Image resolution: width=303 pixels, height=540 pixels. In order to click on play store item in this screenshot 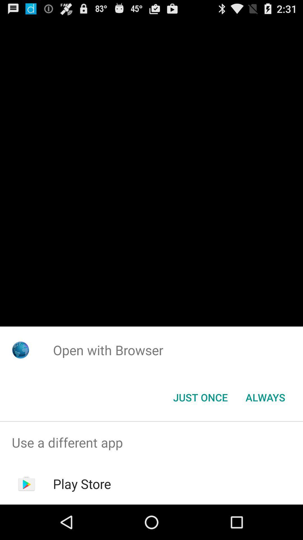, I will do `click(82, 483)`.